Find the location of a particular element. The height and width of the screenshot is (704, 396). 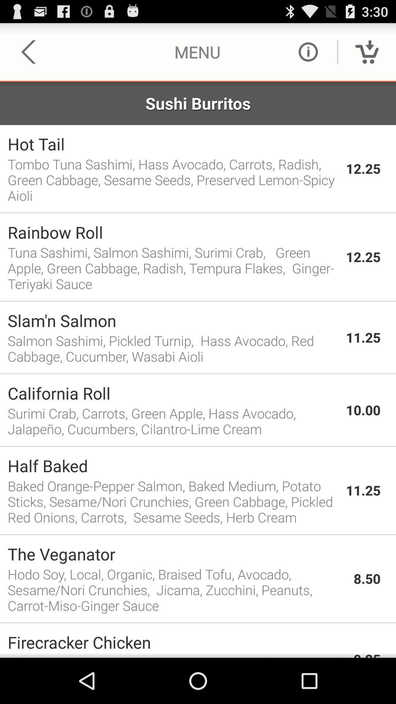

the hodo soy local icon is located at coordinates (177, 590).